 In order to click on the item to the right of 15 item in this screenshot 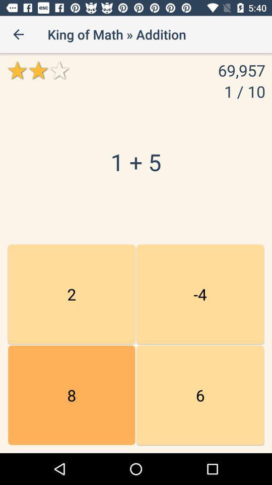, I will do `click(200, 294)`.